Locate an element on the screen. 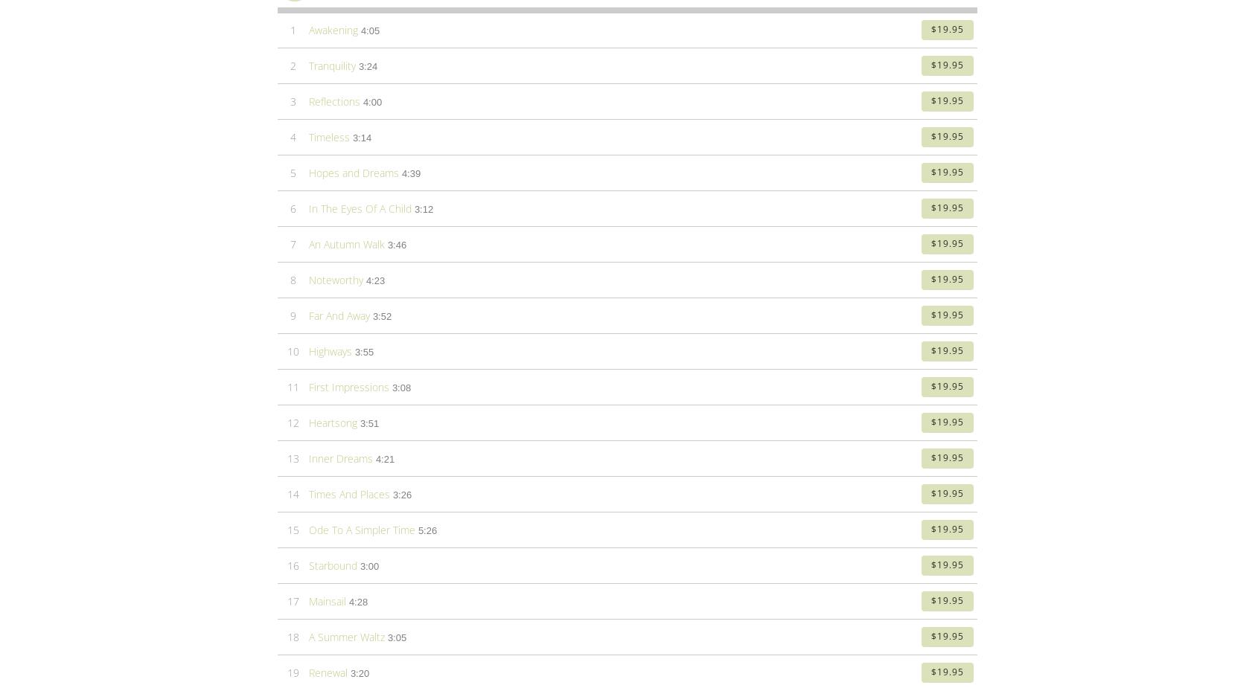  '49' is located at coordinates (292, 212).